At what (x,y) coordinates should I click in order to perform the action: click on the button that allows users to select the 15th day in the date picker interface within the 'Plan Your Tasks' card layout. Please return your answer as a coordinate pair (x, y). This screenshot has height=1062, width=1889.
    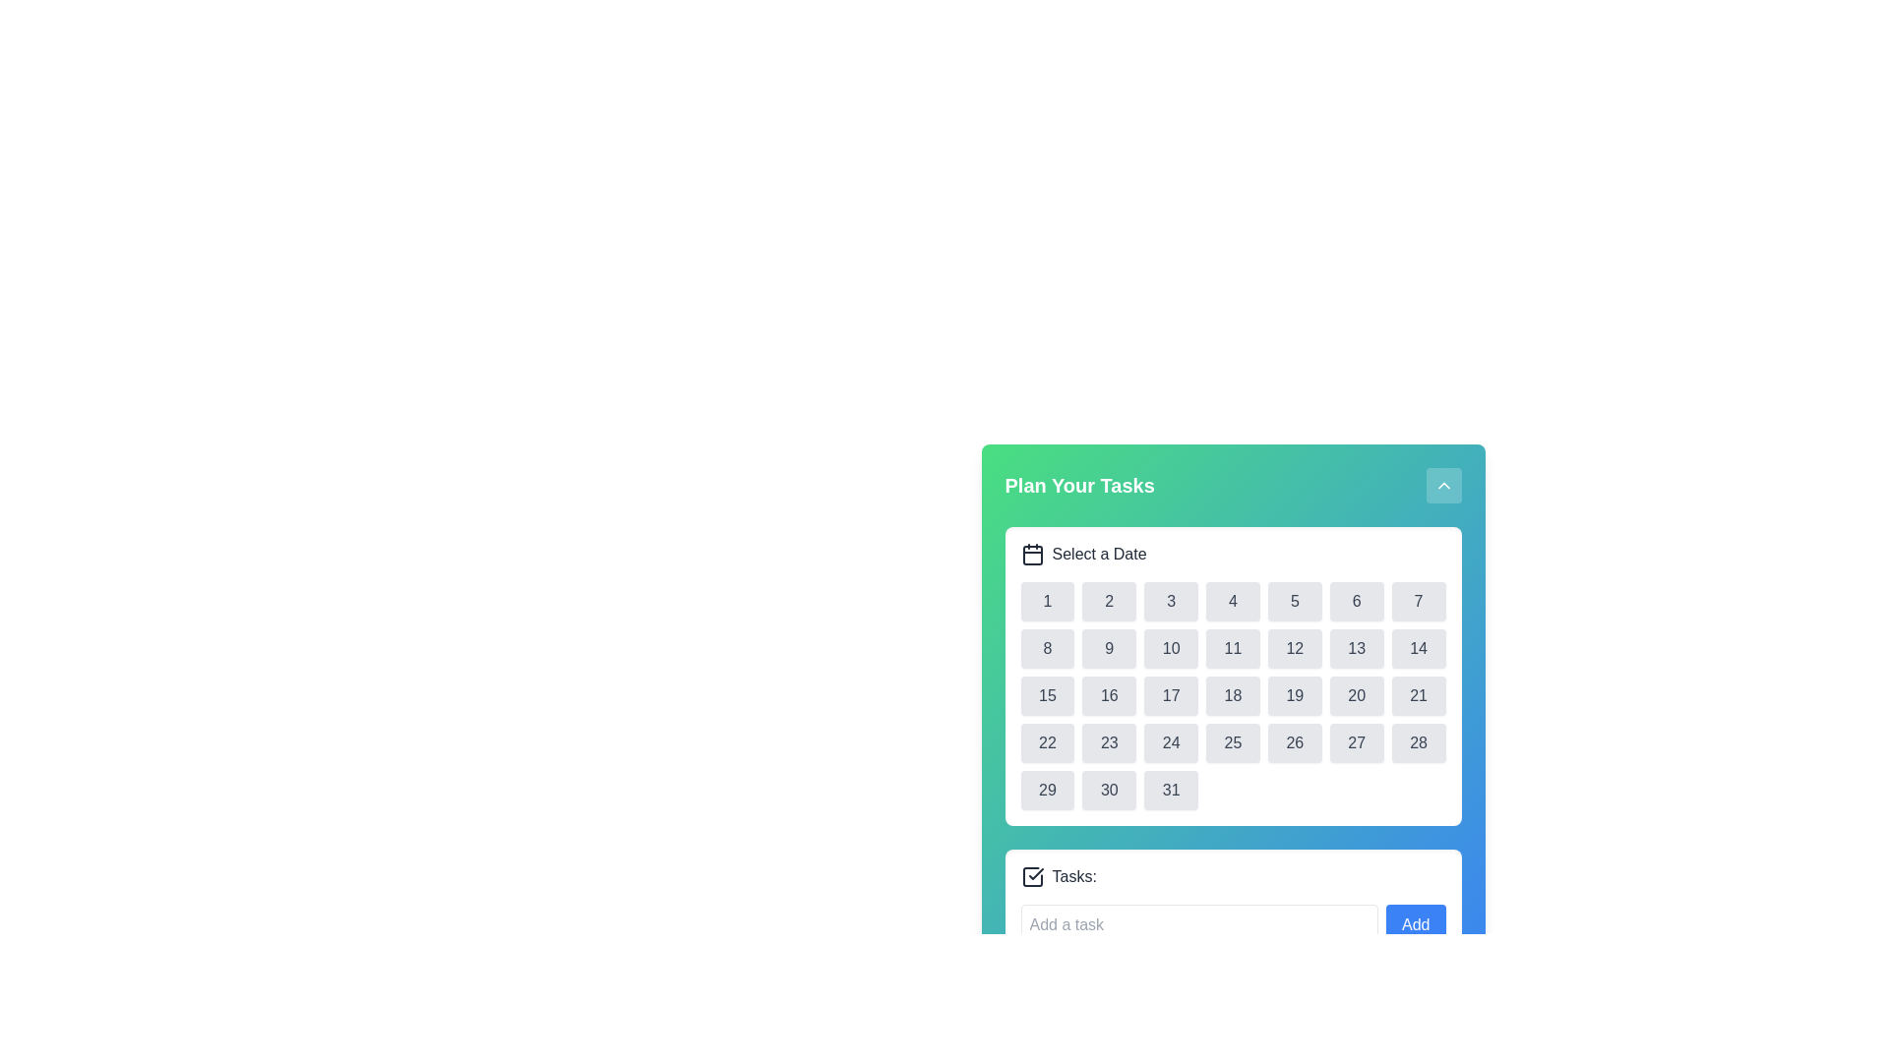
    Looking at the image, I should click on (1046, 695).